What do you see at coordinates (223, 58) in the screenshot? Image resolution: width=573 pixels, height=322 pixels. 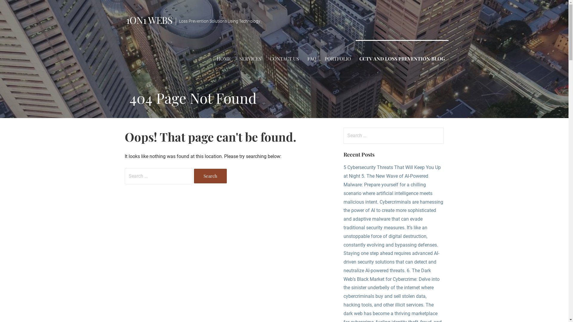 I see `'HOME'` at bounding box center [223, 58].